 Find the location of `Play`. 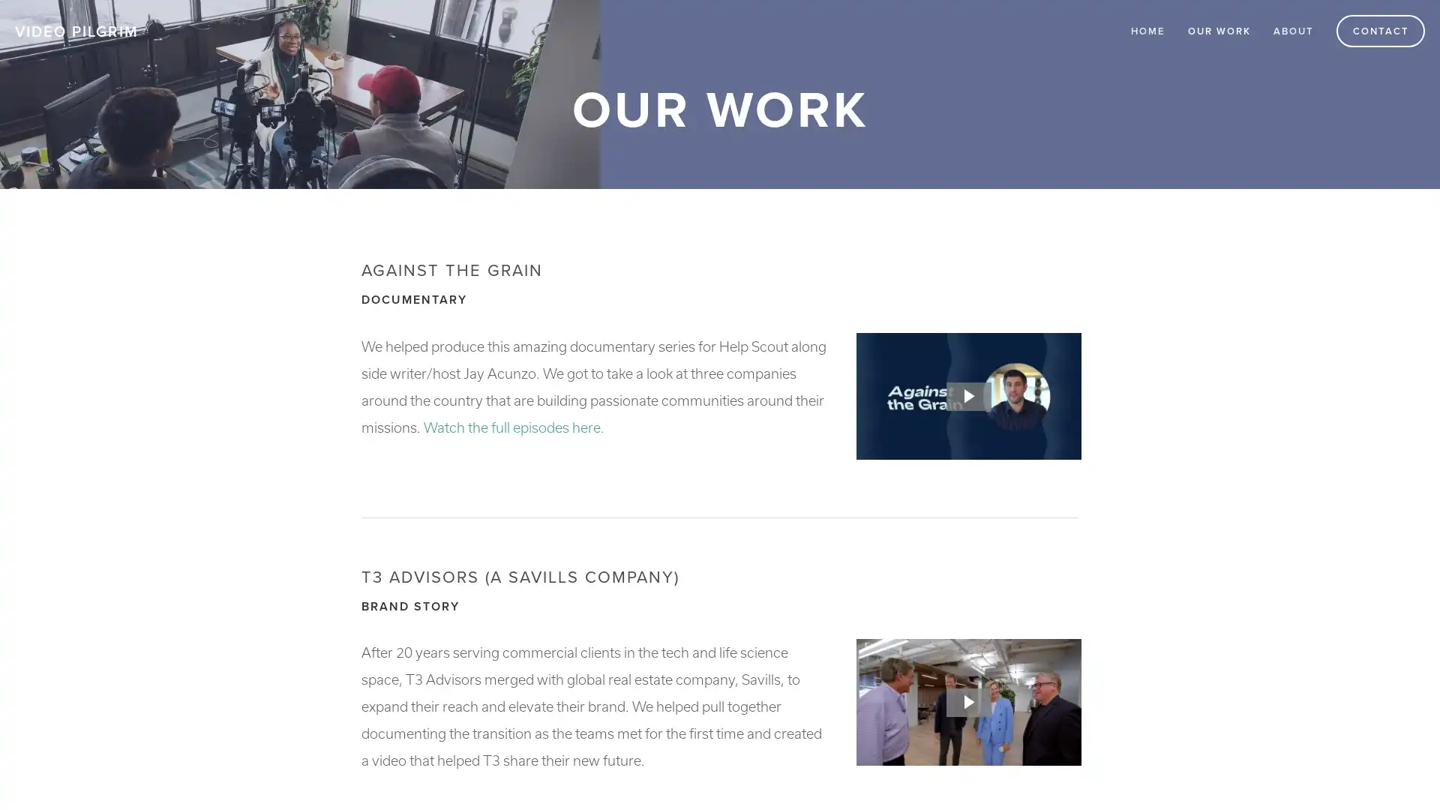

Play is located at coordinates (968, 395).